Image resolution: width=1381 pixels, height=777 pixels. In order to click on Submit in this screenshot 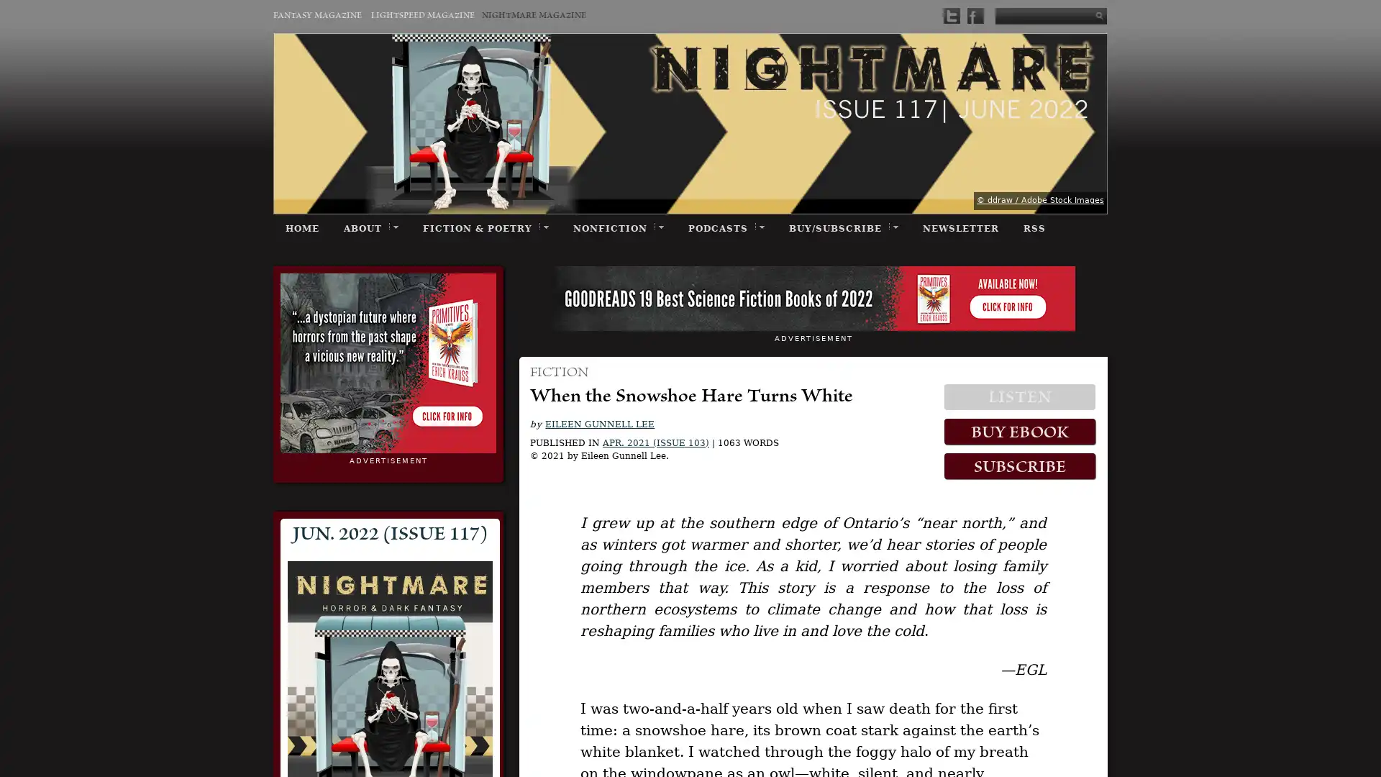, I will do `click(1115, 15)`.